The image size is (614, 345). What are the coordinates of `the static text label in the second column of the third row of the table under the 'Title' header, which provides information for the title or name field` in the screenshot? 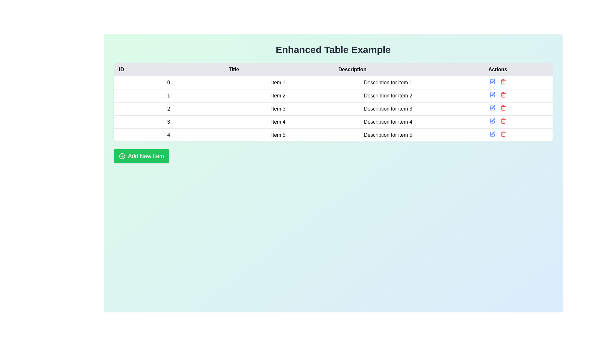 It's located at (278, 108).